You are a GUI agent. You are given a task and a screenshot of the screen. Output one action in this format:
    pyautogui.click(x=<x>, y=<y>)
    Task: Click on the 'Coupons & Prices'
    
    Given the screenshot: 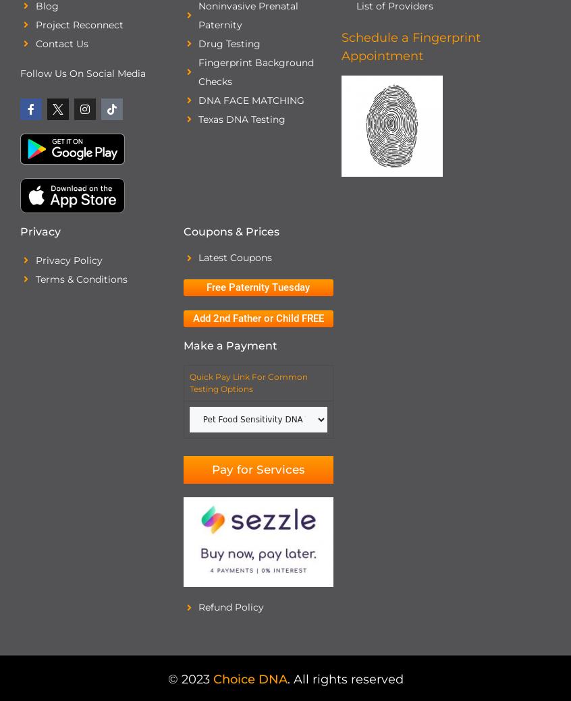 What is the action you would take?
    pyautogui.click(x=230, y=231)
    